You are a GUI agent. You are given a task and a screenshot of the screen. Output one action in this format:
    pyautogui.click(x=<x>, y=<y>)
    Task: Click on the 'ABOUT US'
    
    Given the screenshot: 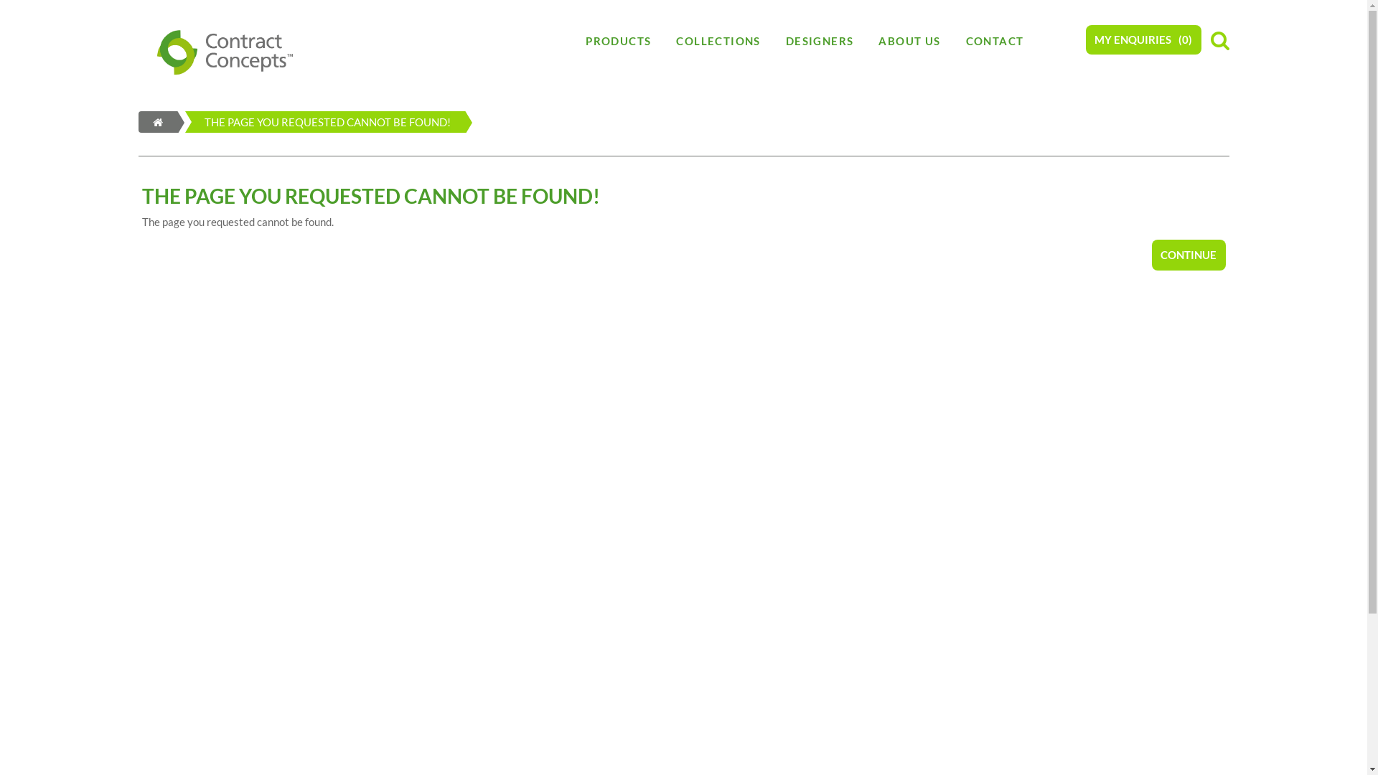 What is the action you would take?
    pyautogui.click(x=909, y=40)
    